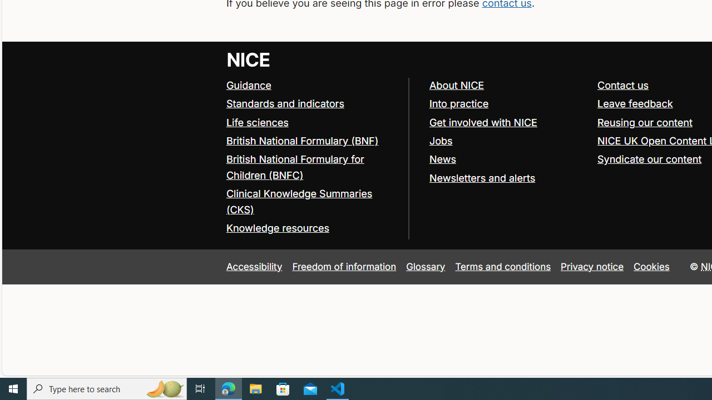 The height and width of the screenshot is (400, 712). Describe the element at coordinates (343, 266) in the screenshot. I see `'Freedom of information'` at that location.